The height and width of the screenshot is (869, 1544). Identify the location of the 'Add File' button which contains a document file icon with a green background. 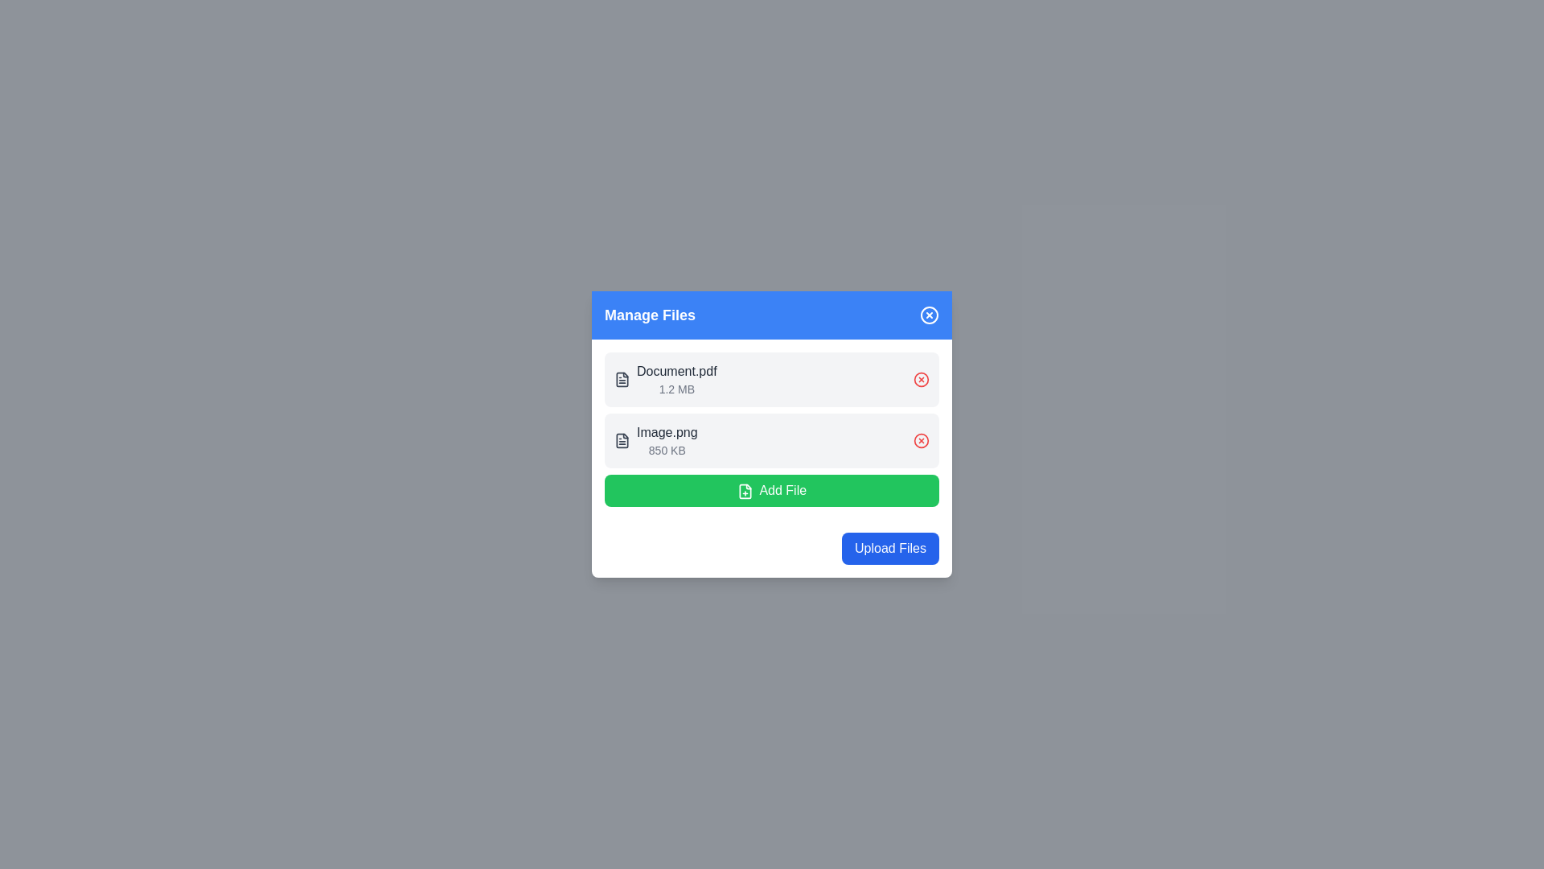
(744, 490).